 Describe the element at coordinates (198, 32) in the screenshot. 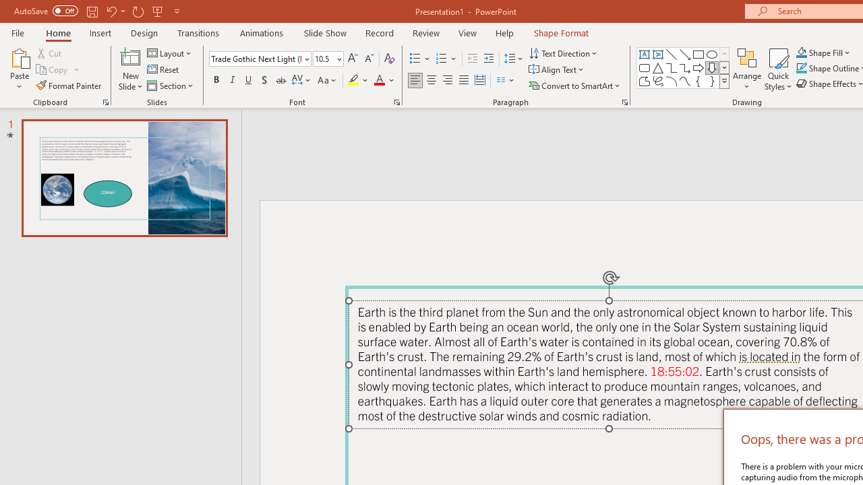

I see `'Transitions'` at that location.